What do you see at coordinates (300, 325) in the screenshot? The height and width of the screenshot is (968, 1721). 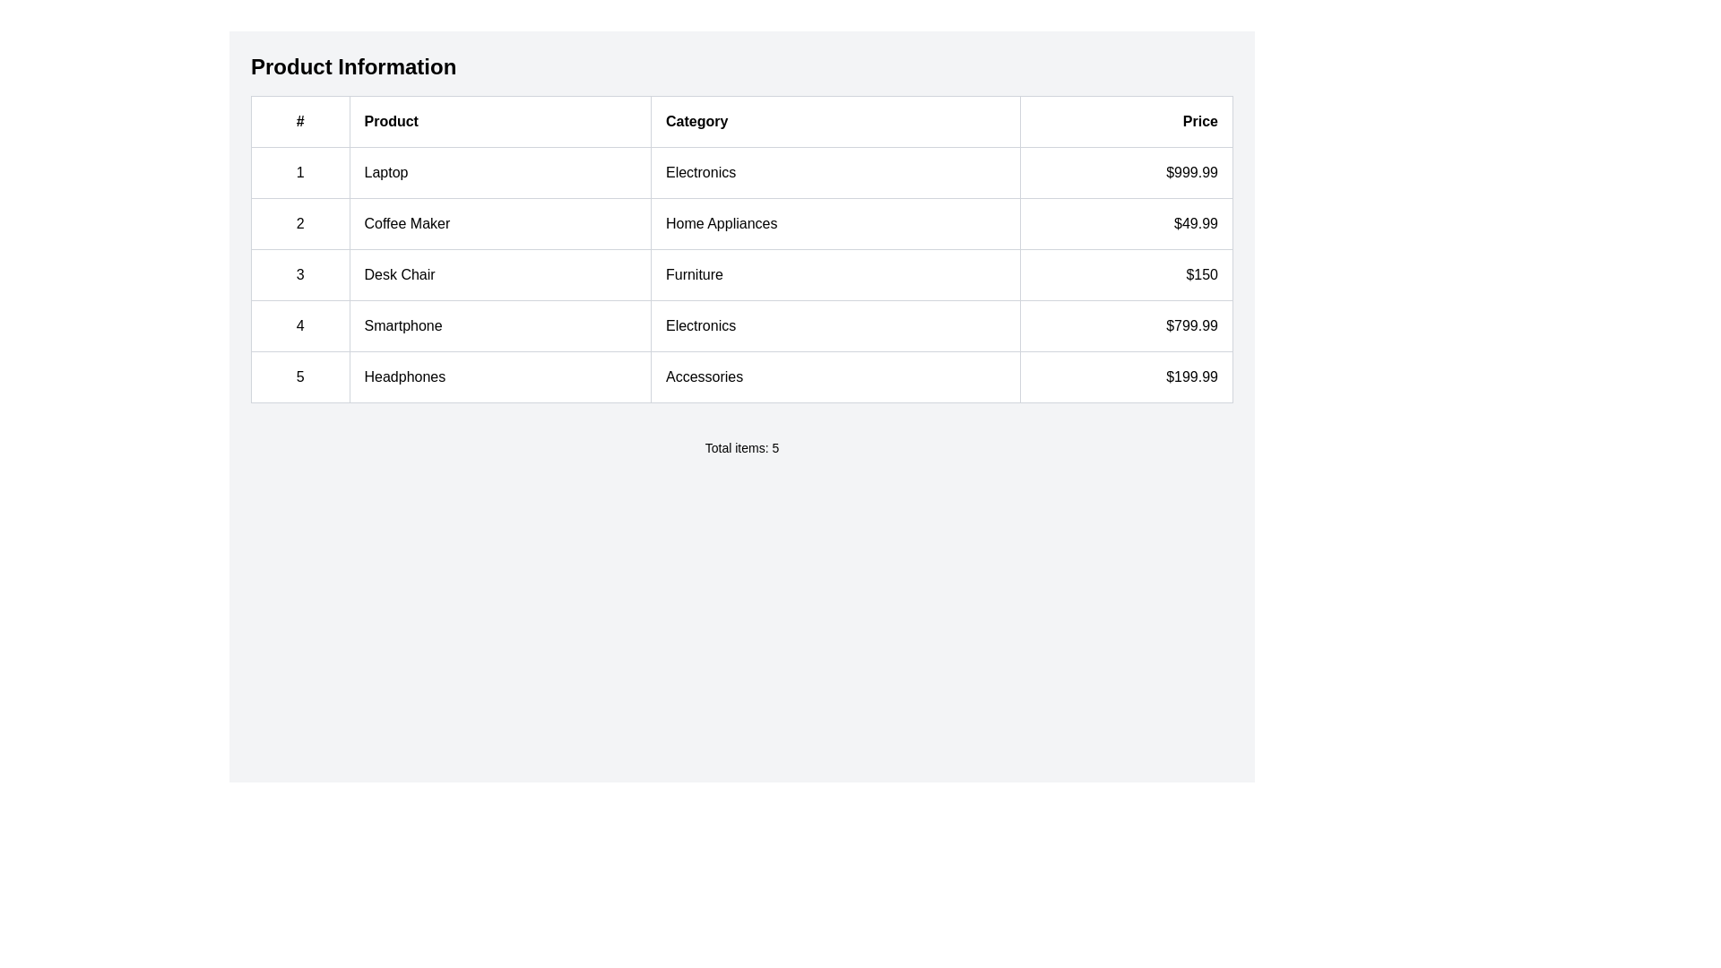 I see `the label indicating the position '4' in the leftmost column of the fourth row in the table` at bounding box center [300, 325].